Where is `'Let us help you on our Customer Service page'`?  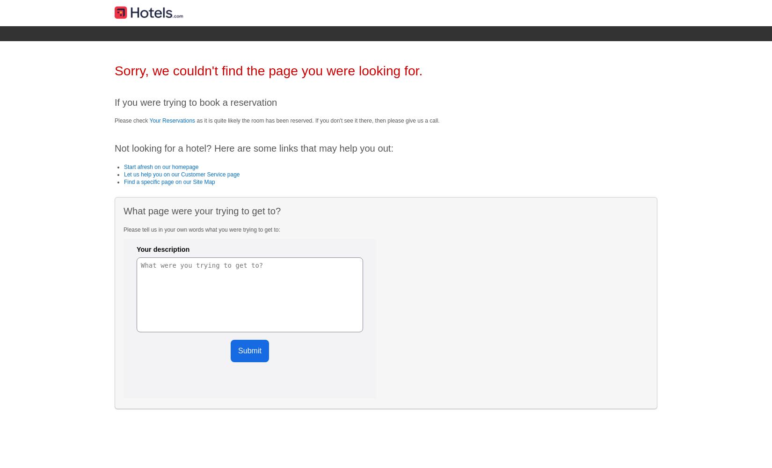 'Let us help you on our Customer Service page' is located at coordinates (182, 174).